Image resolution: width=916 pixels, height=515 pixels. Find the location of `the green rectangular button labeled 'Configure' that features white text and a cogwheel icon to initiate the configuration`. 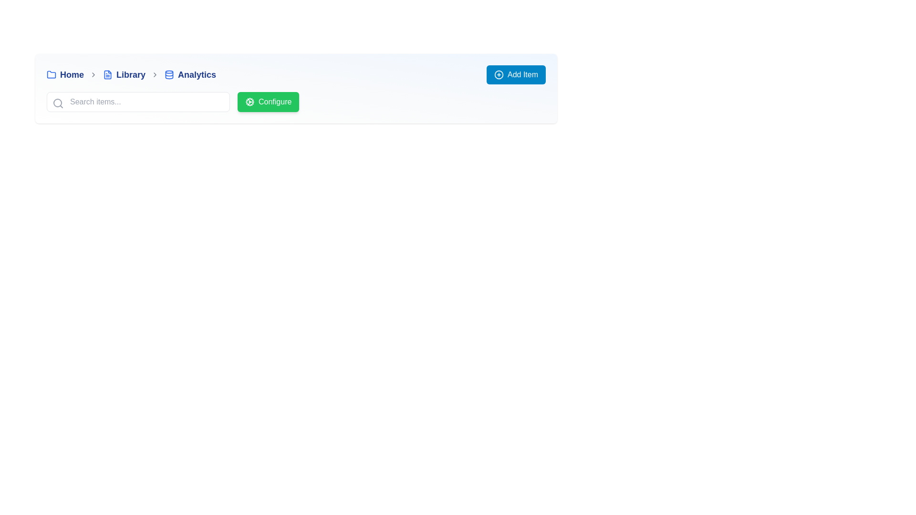

the green rectangular button labeled 'Configure' that features white text and a cogwheel icon to initiate the configuration is located at coordinates (268, 102).